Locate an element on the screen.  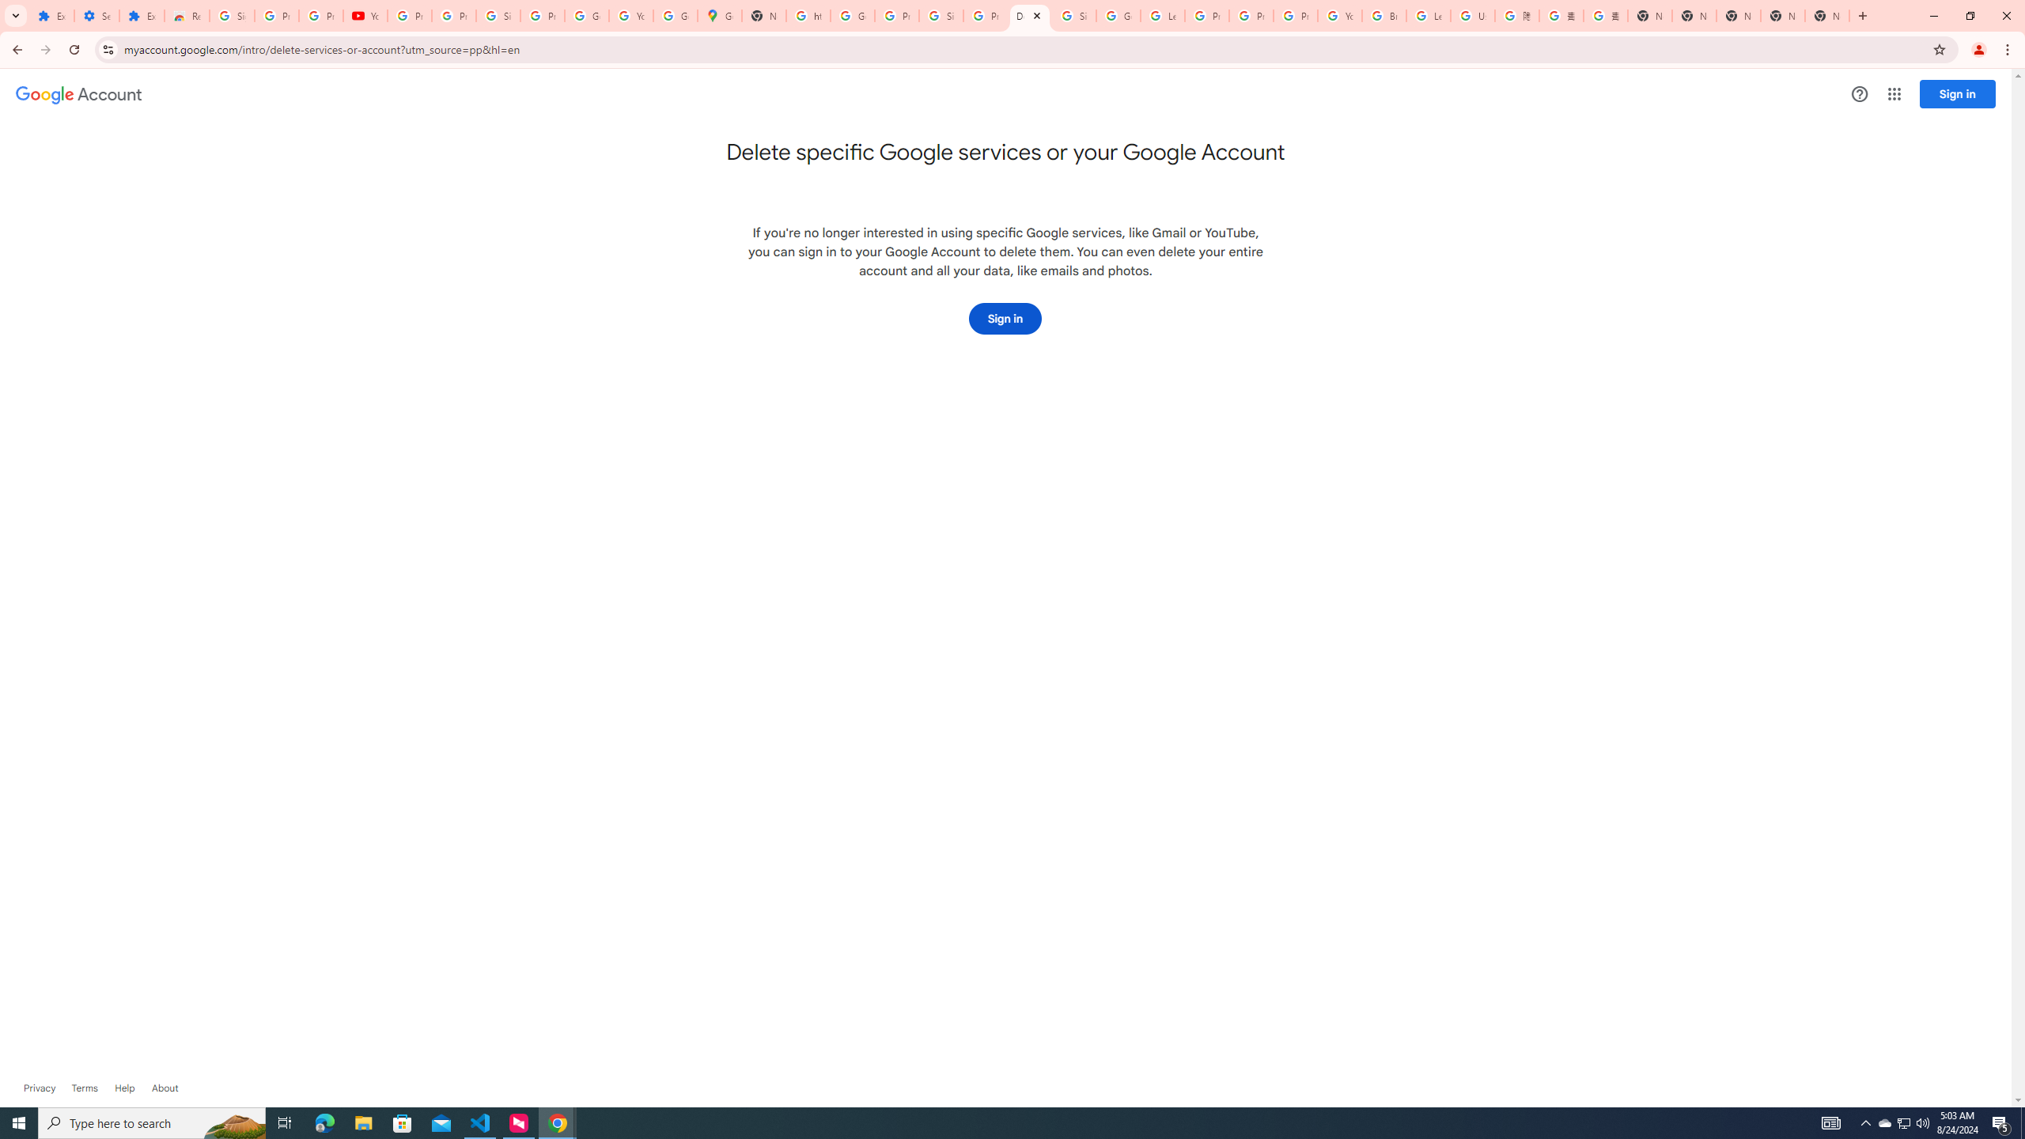
'Google Maps' is located at coordinates (719, 15).